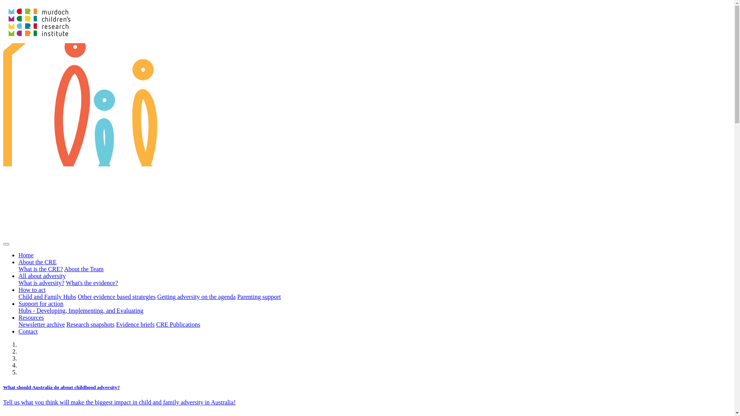 The width and height of the screenshot is (740, 416). I want to click on 'What is the CRE?', so click(40, 268).